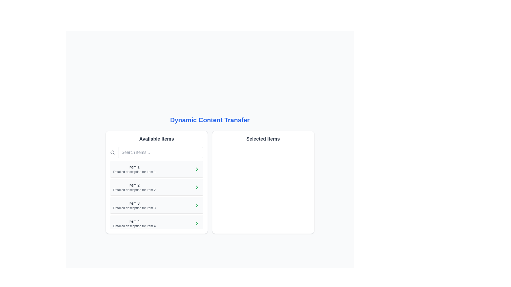  I want to click on the right-facing green chevron button located to the right of 'Item 2' in the 'Available Items' section, so click(196, 187).